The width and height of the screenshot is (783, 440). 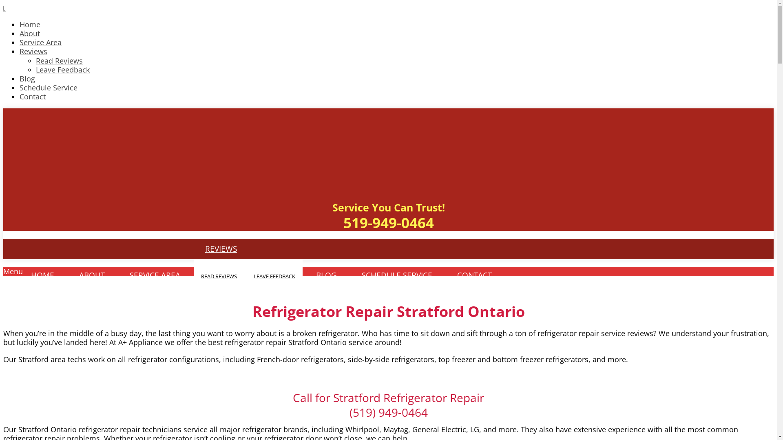 What do you see at coordinates (219, 276) in the screenshot?
I see `'READ REVIEWS'` at bounding box center [219, 276].